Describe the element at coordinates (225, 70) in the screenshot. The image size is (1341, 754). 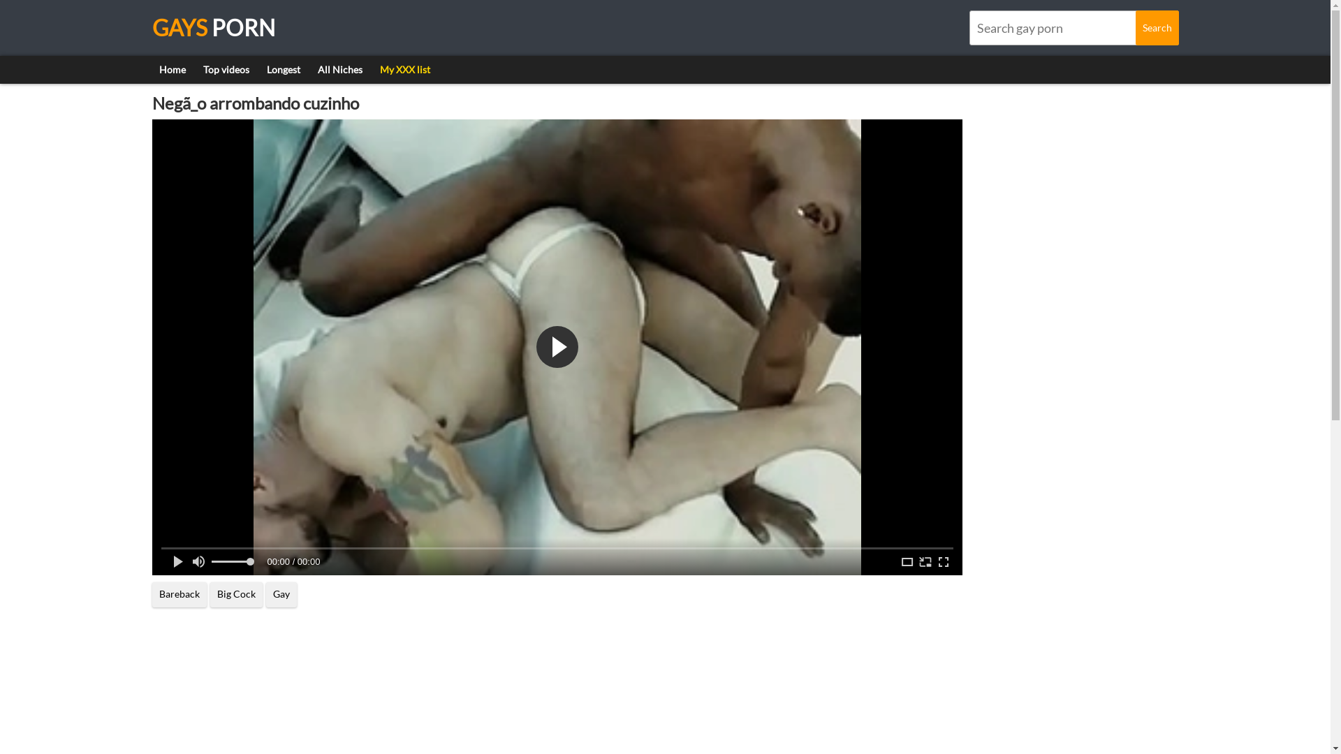
I see `'Top videos'` at that location.